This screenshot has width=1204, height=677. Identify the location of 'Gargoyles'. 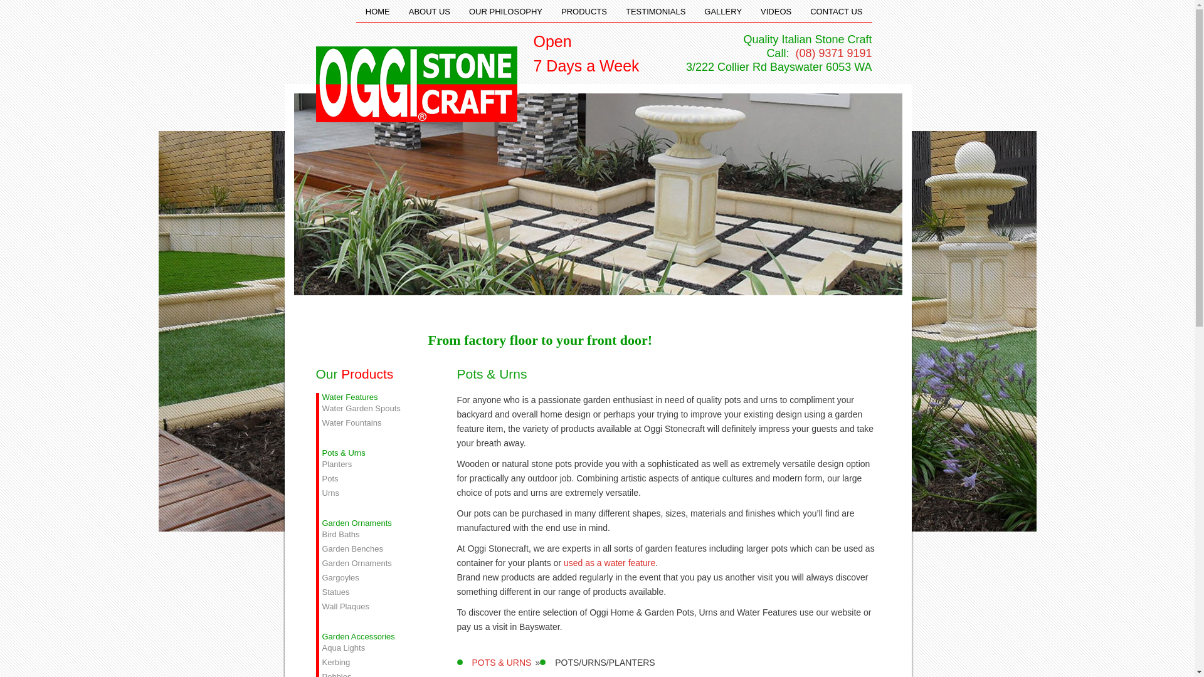
(373, 577).